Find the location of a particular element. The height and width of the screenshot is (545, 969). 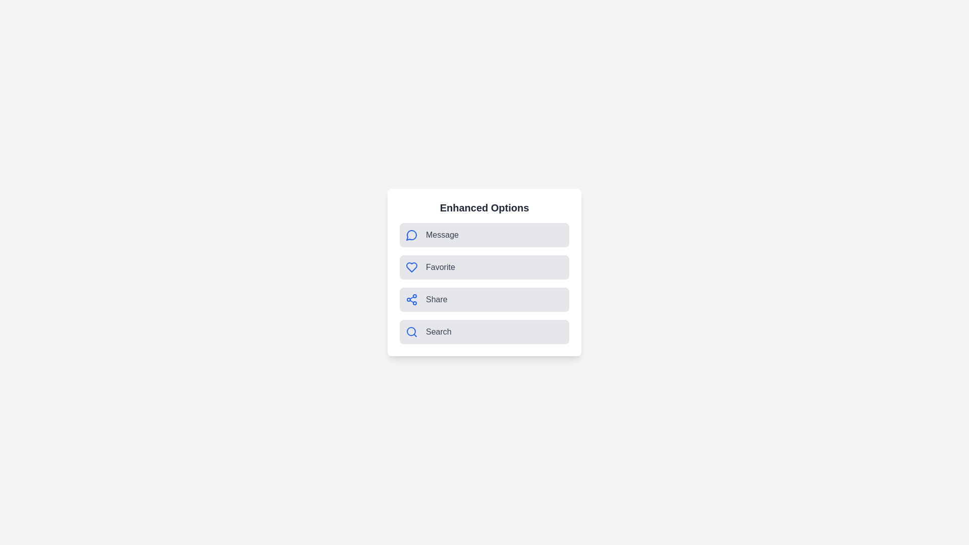

the Message option to observe visual feedback is located at coordinates (484, 235).